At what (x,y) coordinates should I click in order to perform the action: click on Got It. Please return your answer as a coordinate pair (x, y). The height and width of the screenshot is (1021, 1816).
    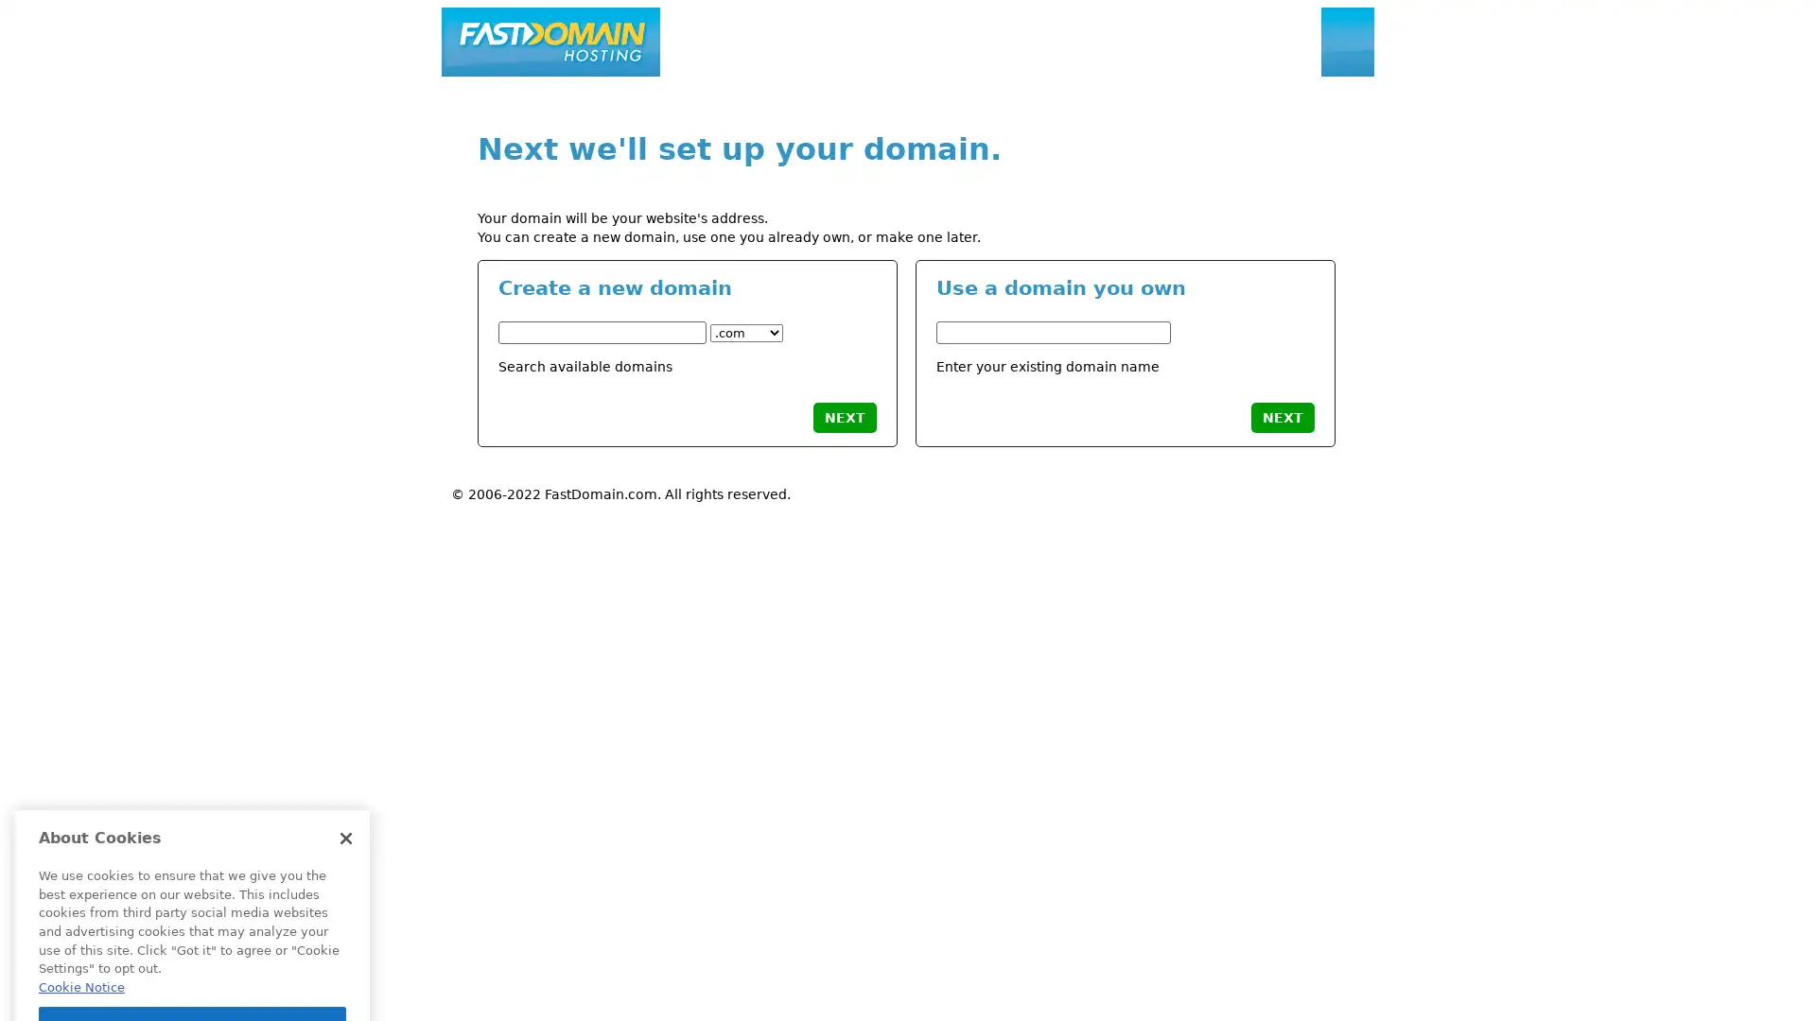
    Looking at the image, I should click on (192, 909).